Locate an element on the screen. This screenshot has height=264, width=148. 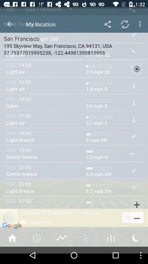
the location_crosshair icon is located at coordinates (136, 62).